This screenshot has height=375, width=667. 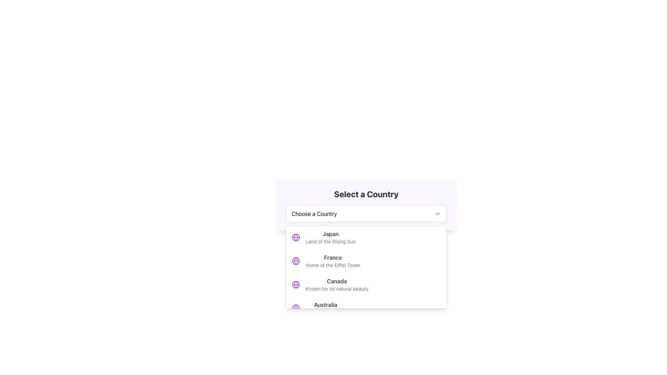 I want to click on the globe icon representing the country selection for 'France' in the dropdown list, which visually indicates the selected country, so click(x=296, y=261).